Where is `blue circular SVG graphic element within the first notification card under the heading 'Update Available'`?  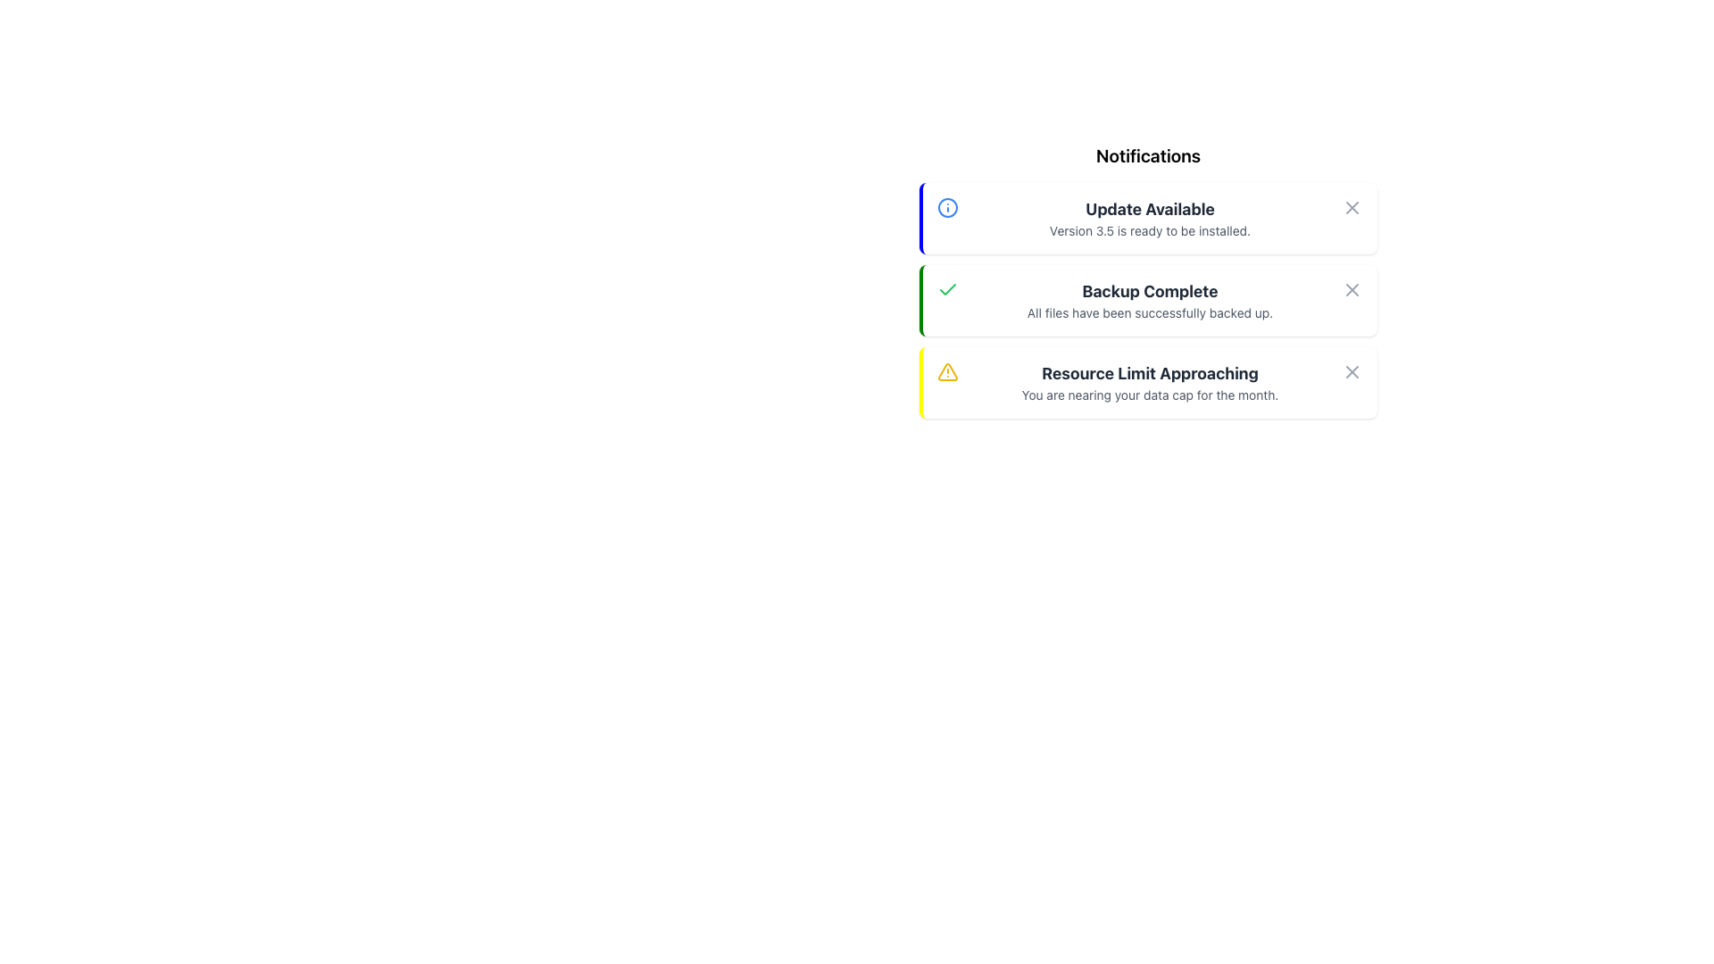 blue circular SVG graphic element within the first notification card under the heading 'Update Available' is located at coordinates (946, 206).